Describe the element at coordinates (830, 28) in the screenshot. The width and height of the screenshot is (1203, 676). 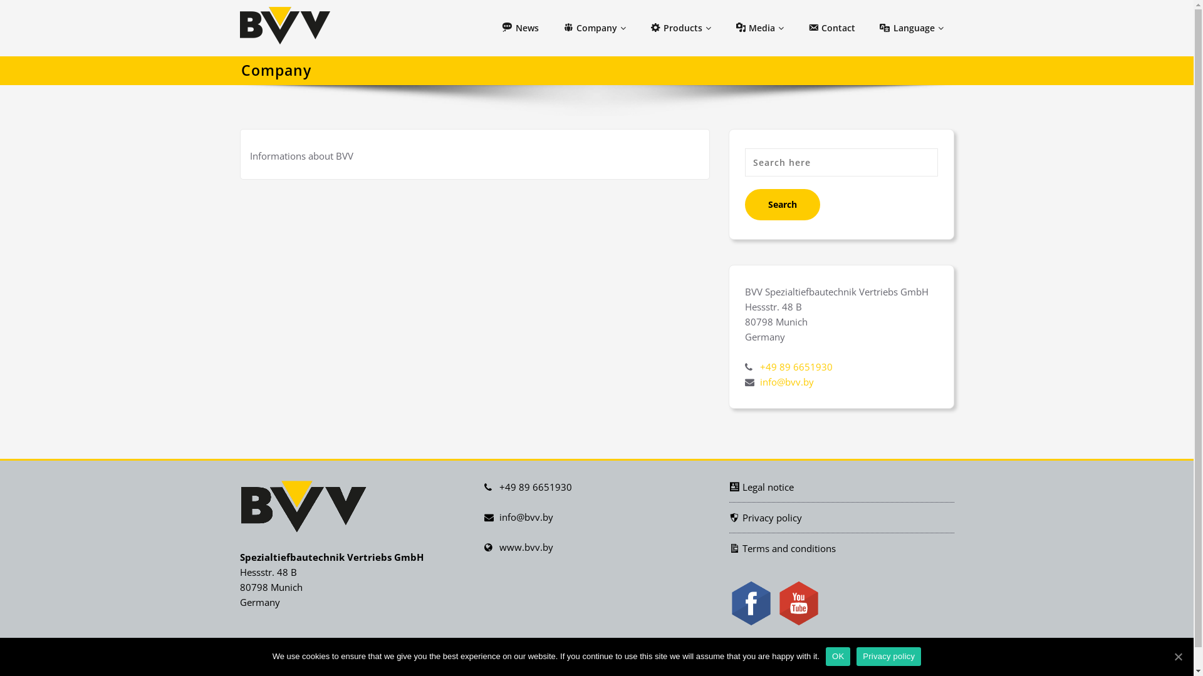
I see `'Contact'` at that location.